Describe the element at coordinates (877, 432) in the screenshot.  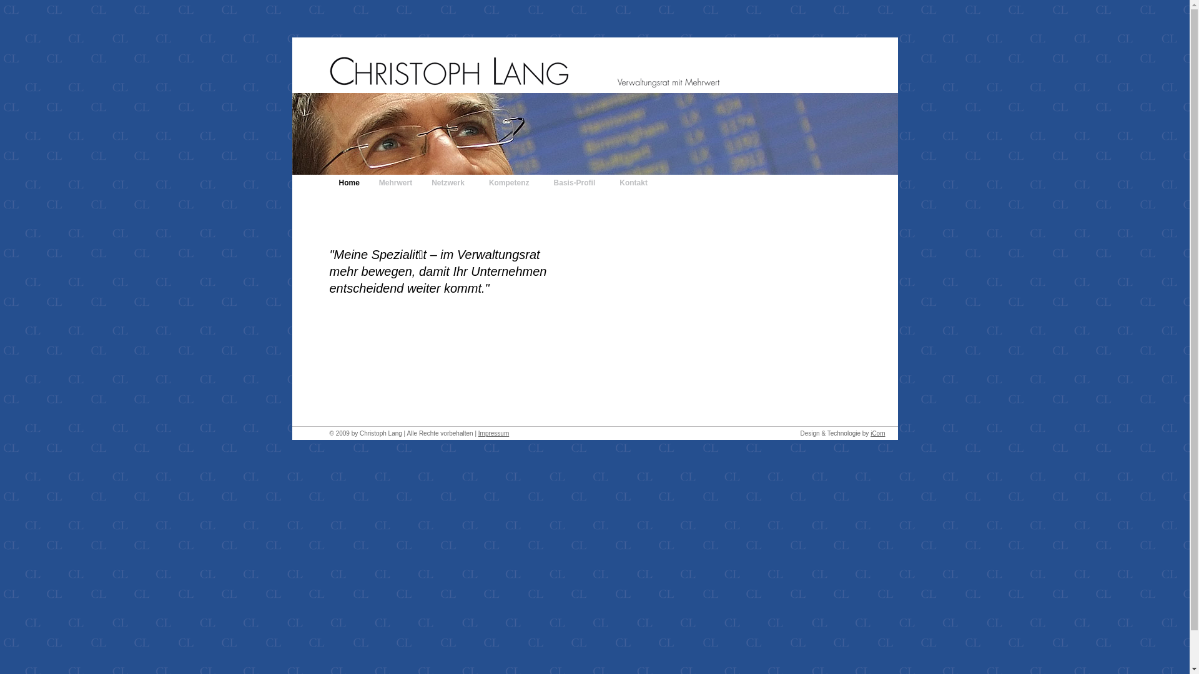
I see `'iCom'` at that location.